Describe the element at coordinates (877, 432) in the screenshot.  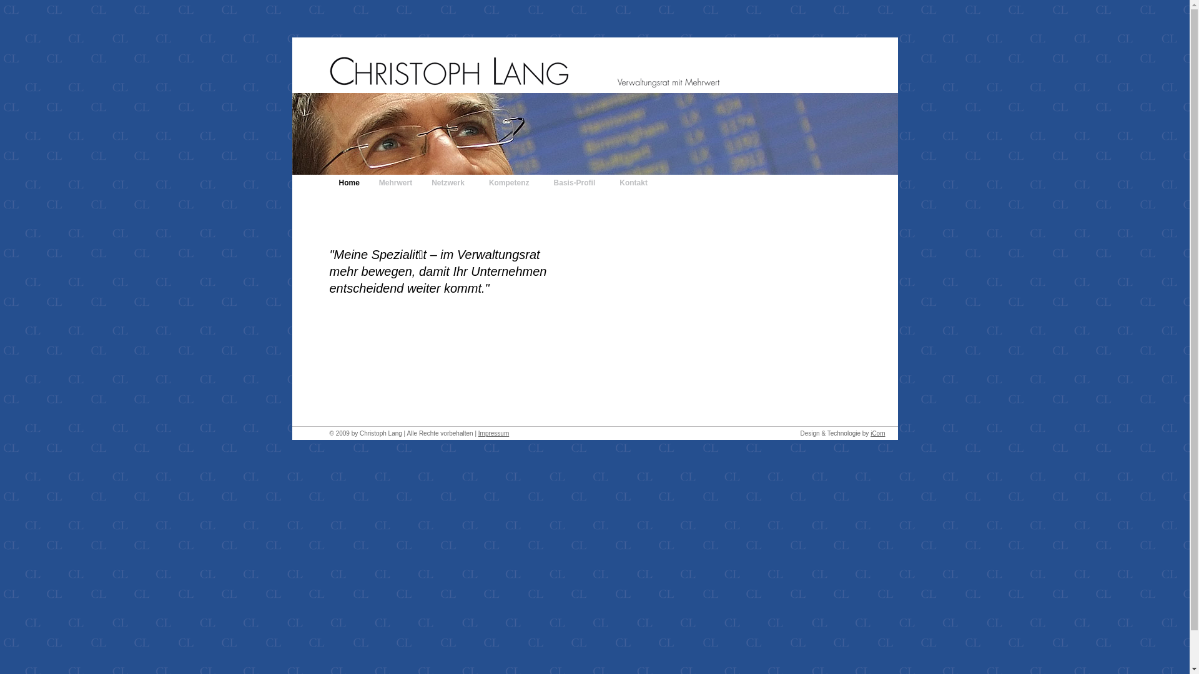
I see `'iCom'` at that location.